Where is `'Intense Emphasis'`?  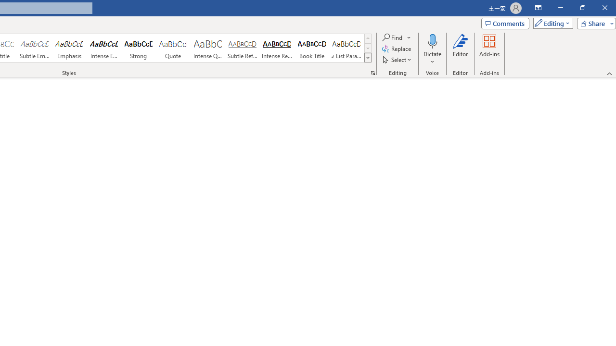
'Intense Emphasis' is located at coordinates (104, 48).